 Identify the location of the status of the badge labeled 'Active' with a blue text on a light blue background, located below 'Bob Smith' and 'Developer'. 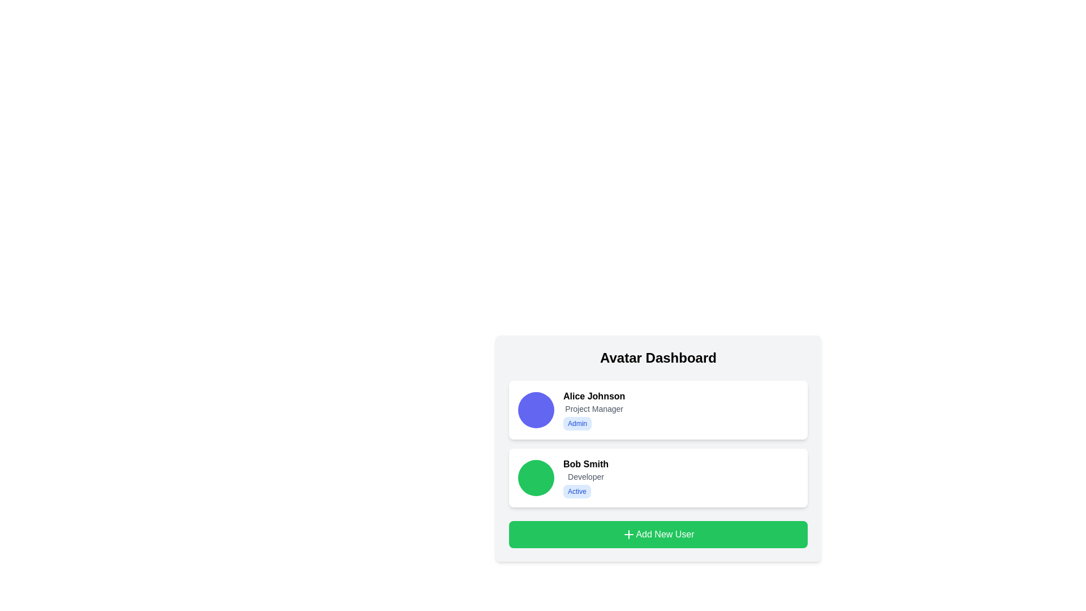
(586, 490).